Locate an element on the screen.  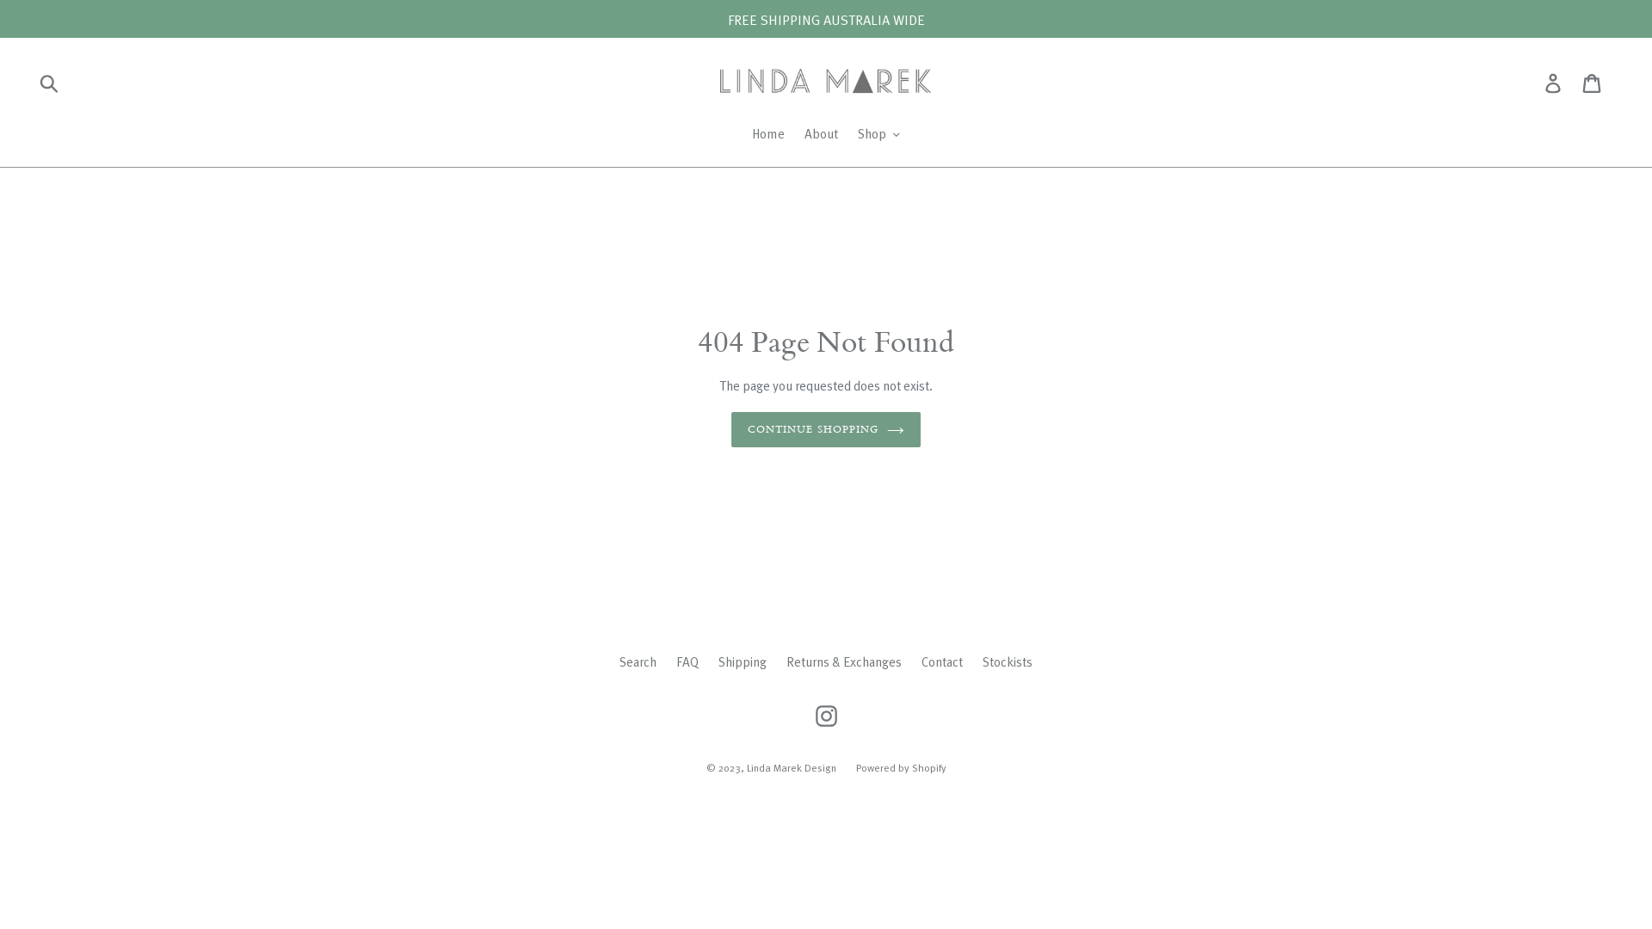
'Submit' is located at coordinates (50, 83).